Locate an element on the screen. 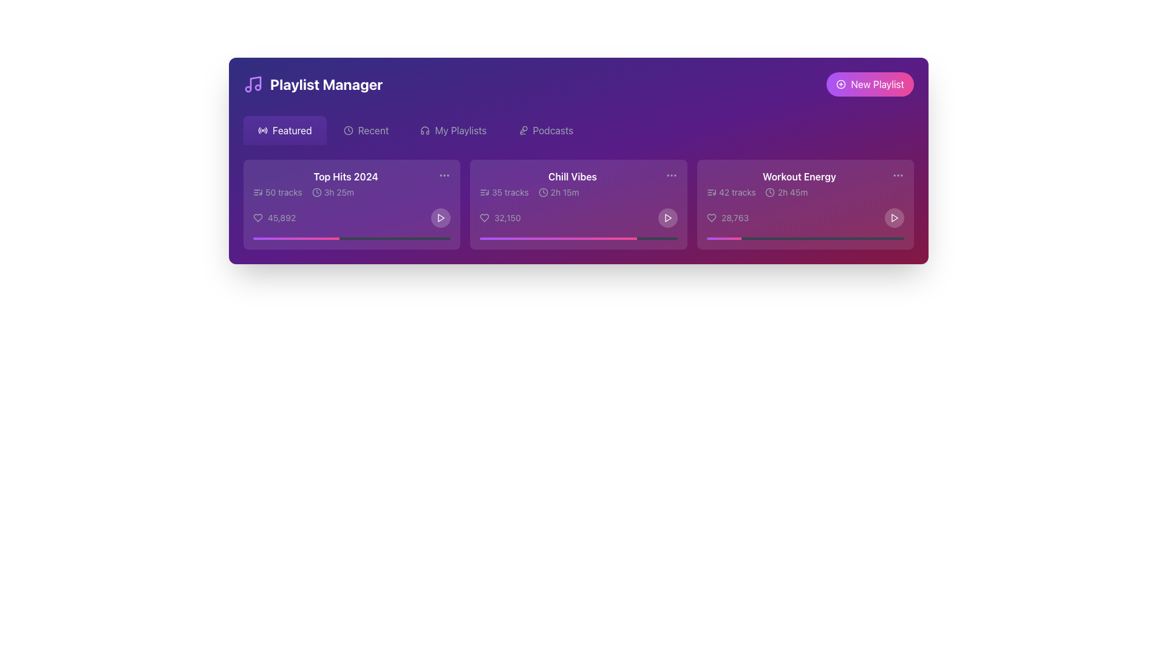 Image resolution: width=1166 pixels, height=656 pixels. the SVG circle component within the 'Workout Energy' playlist card, which is part of a clock icon is located at coordinates (769, 191).